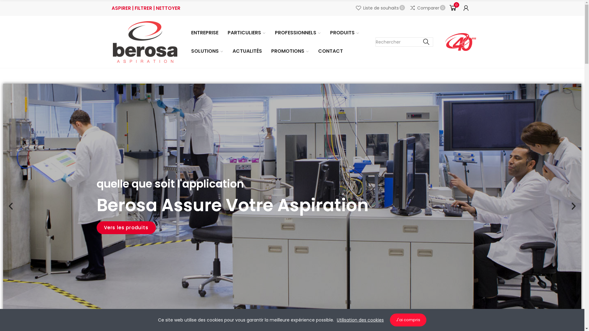 The image size is (589, 331). Describe the element at coordinates (344, 33) in the screenshot. I see `'PRODUITS'` at that location.